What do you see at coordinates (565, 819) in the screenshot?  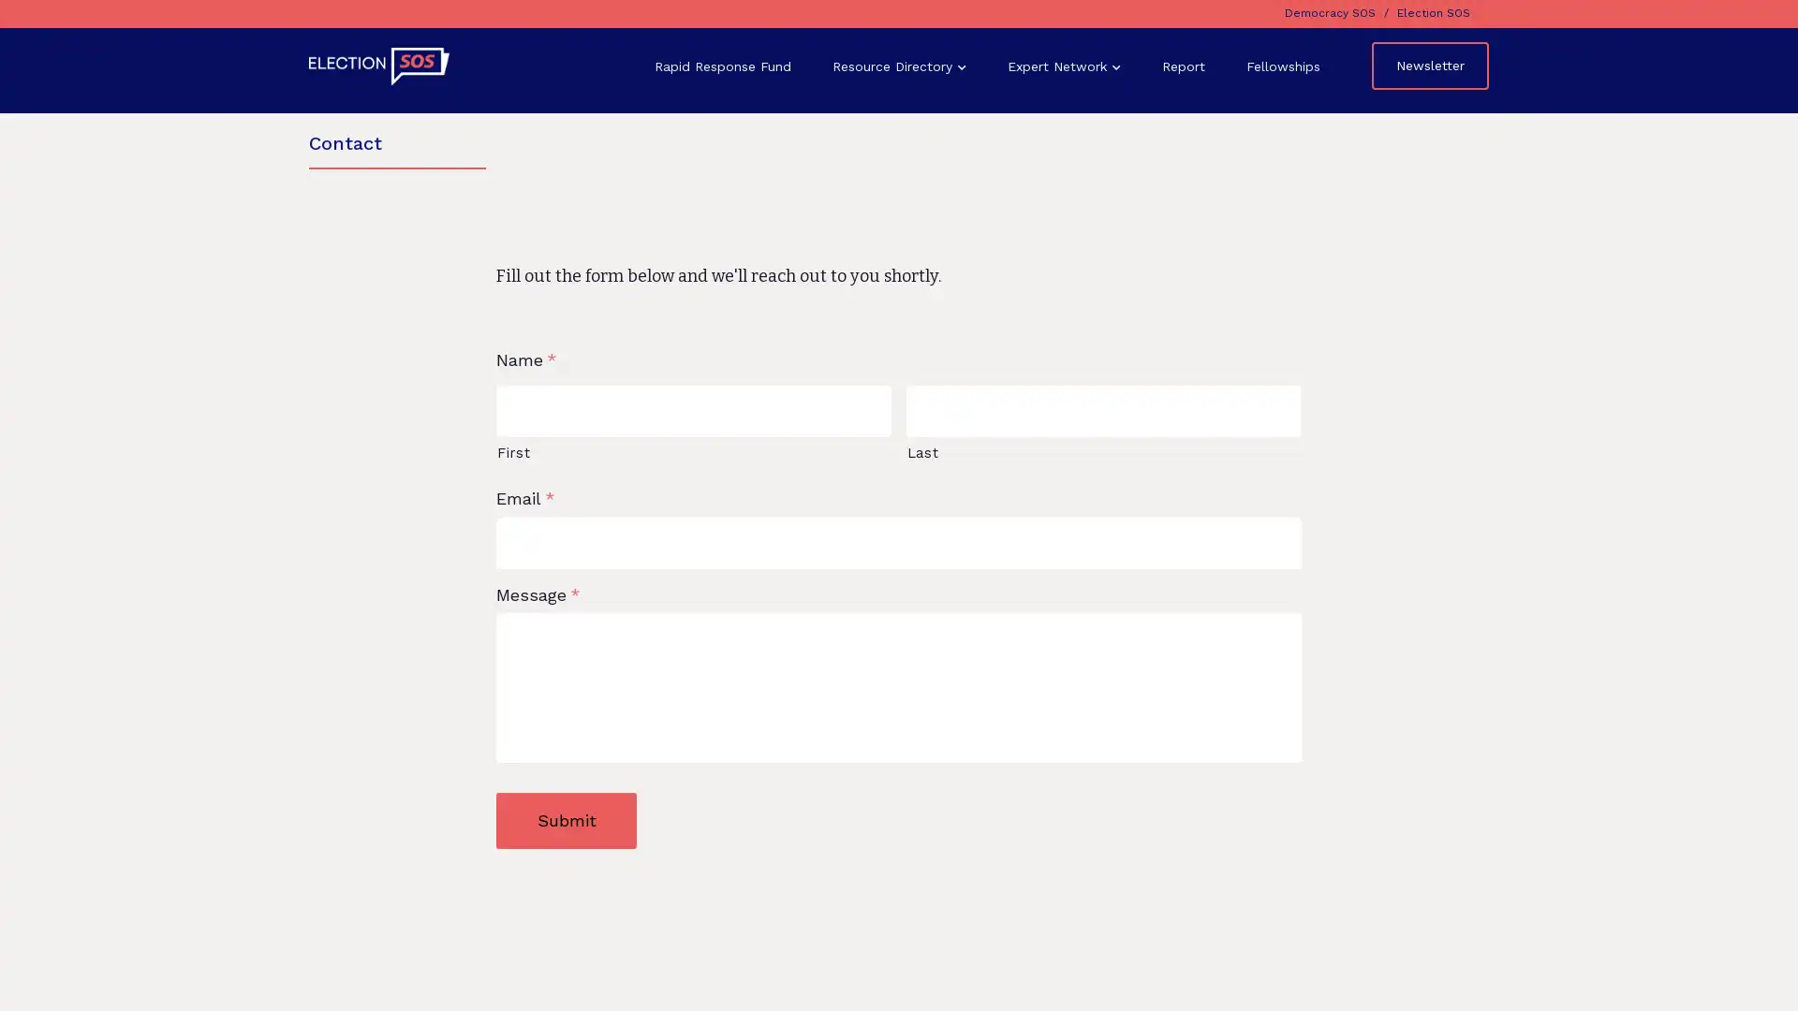 I see `Submit` at bounding box center [565, 819].